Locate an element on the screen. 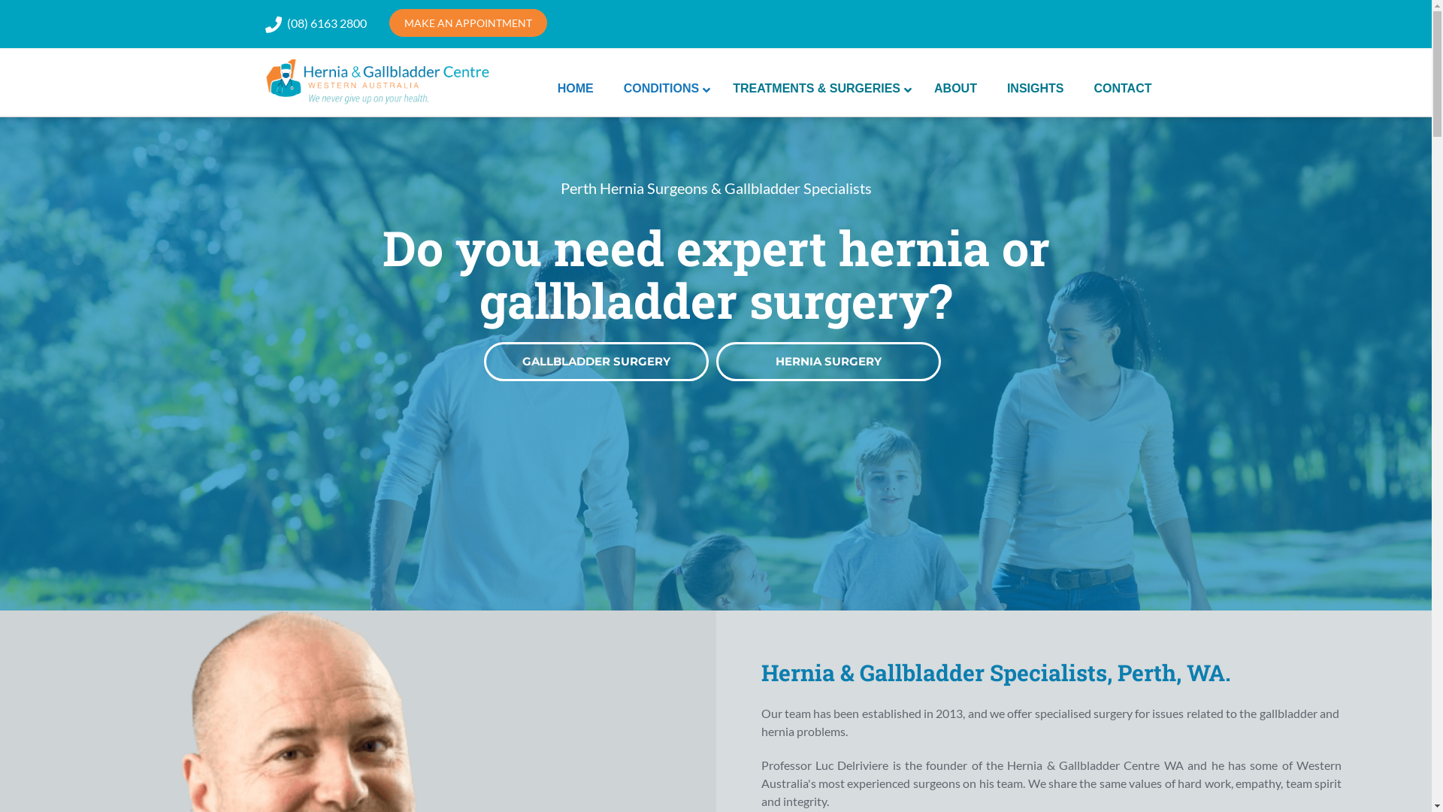 Image resolution: width=1443 pixels, height=812 pixels. '(08) 6163 2800' is located at coordinates (326, 23).